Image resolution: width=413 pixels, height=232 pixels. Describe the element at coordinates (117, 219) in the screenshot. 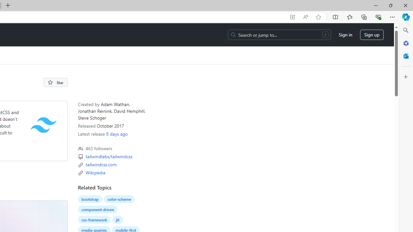

I see `'jit'` at that location.